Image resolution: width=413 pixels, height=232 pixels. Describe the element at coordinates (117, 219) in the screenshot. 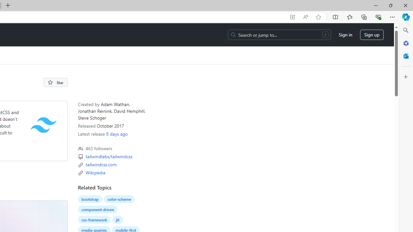

I see `'jit'` at that location.